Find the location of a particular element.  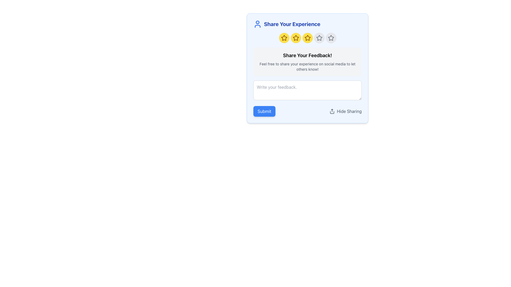

a star in the Rating Component located below the header text of the 'Share Your Experience' card is located at coordinates (307, 37).